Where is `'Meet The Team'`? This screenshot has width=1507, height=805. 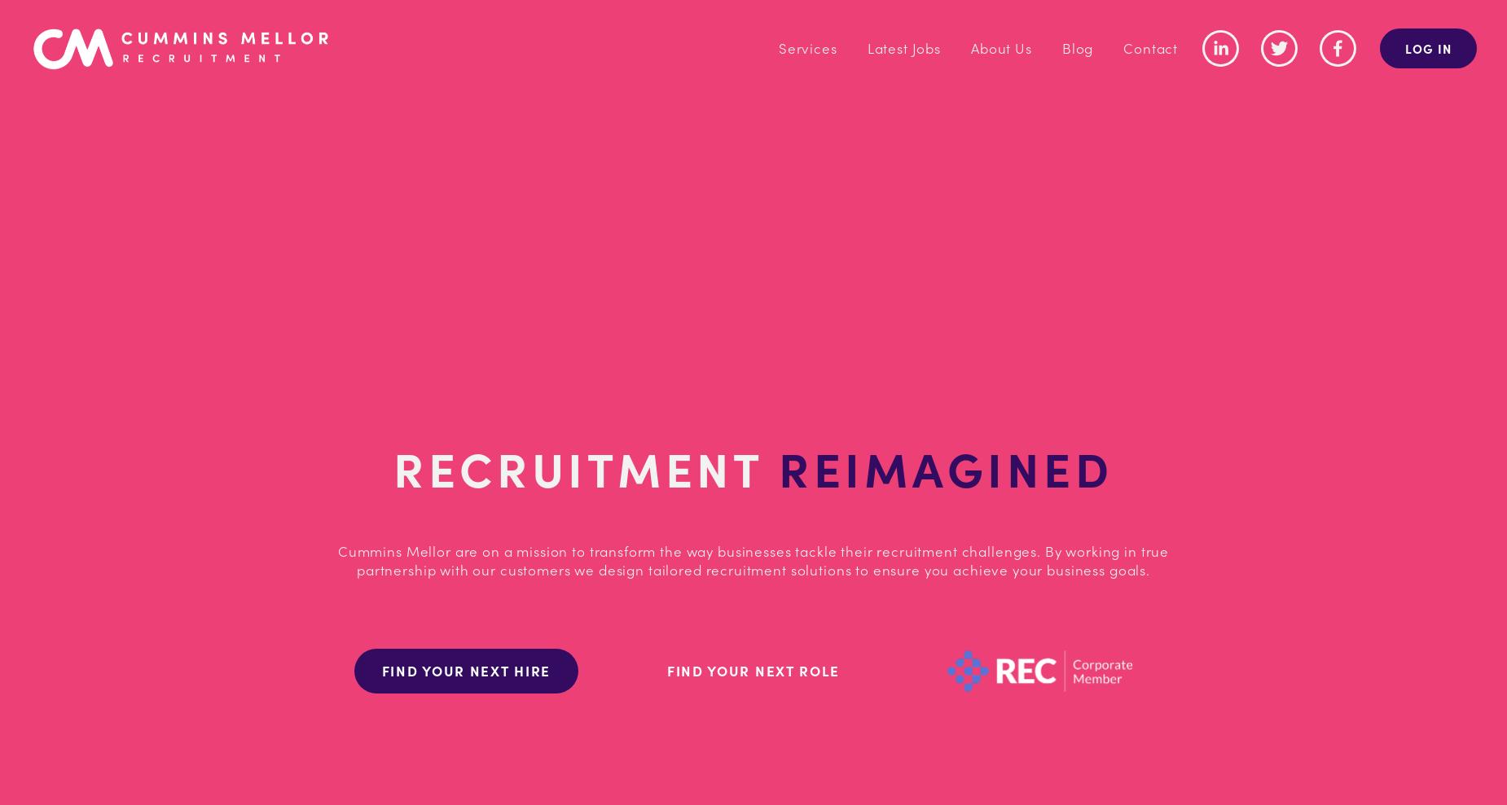 'Meet The Team' is located at coordinates (931, 138).